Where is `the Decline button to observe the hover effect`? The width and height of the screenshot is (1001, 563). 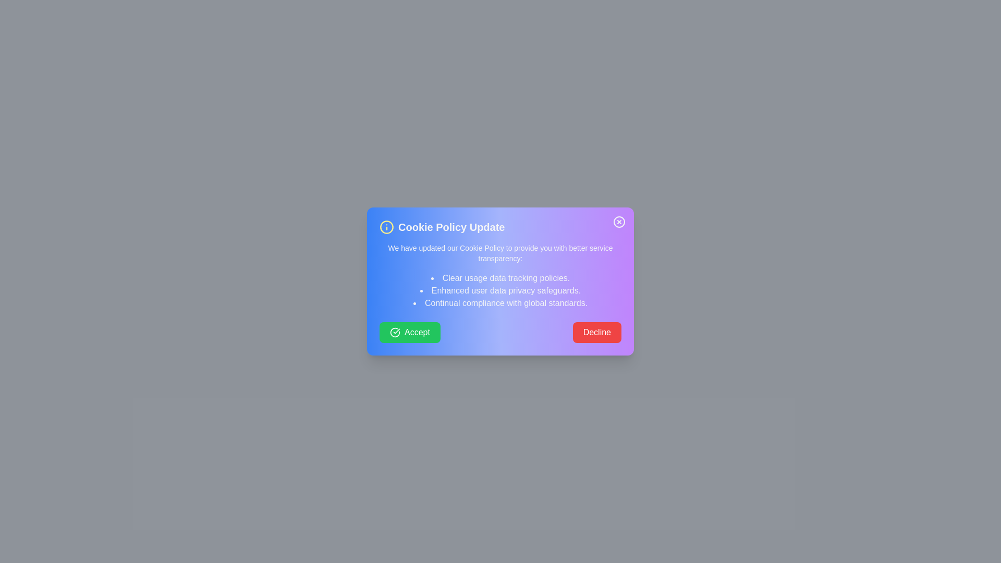 the Decline button to observe the hover effect is located at coordinates (597, 332).